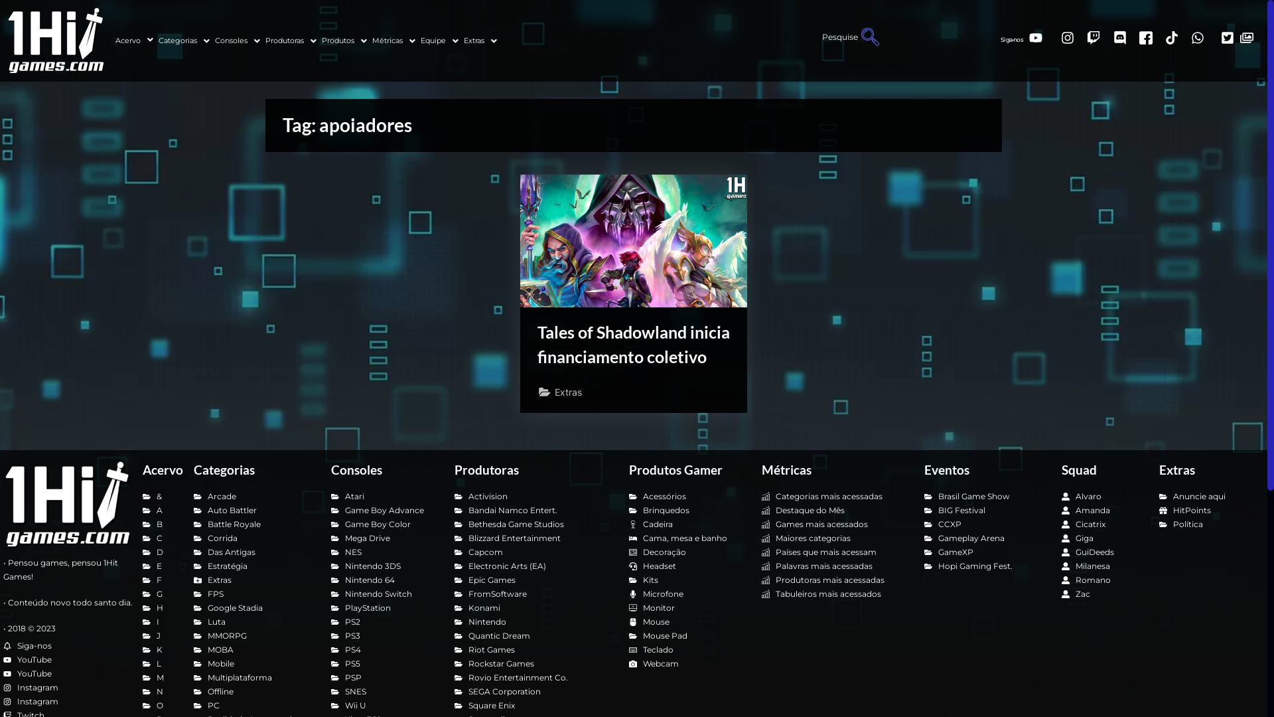 The width and height of the screenshot is (1274, 717). I want to click on 'Bethesda Game Studios', so click(535, 523).